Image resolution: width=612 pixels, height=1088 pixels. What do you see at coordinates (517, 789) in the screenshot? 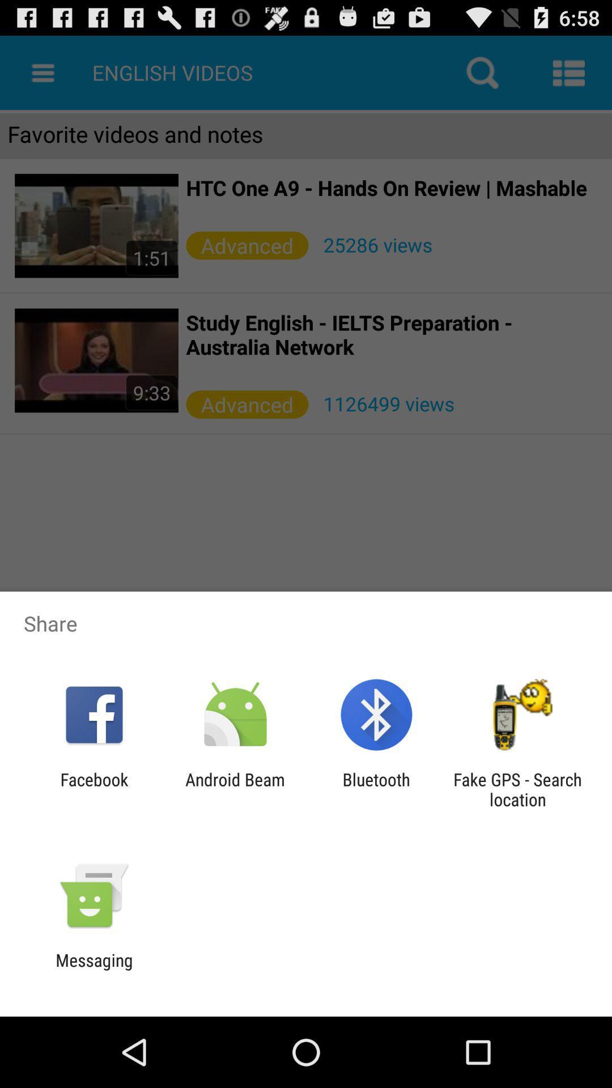
I see `the fake gps search` at bounding box center [517, 789].